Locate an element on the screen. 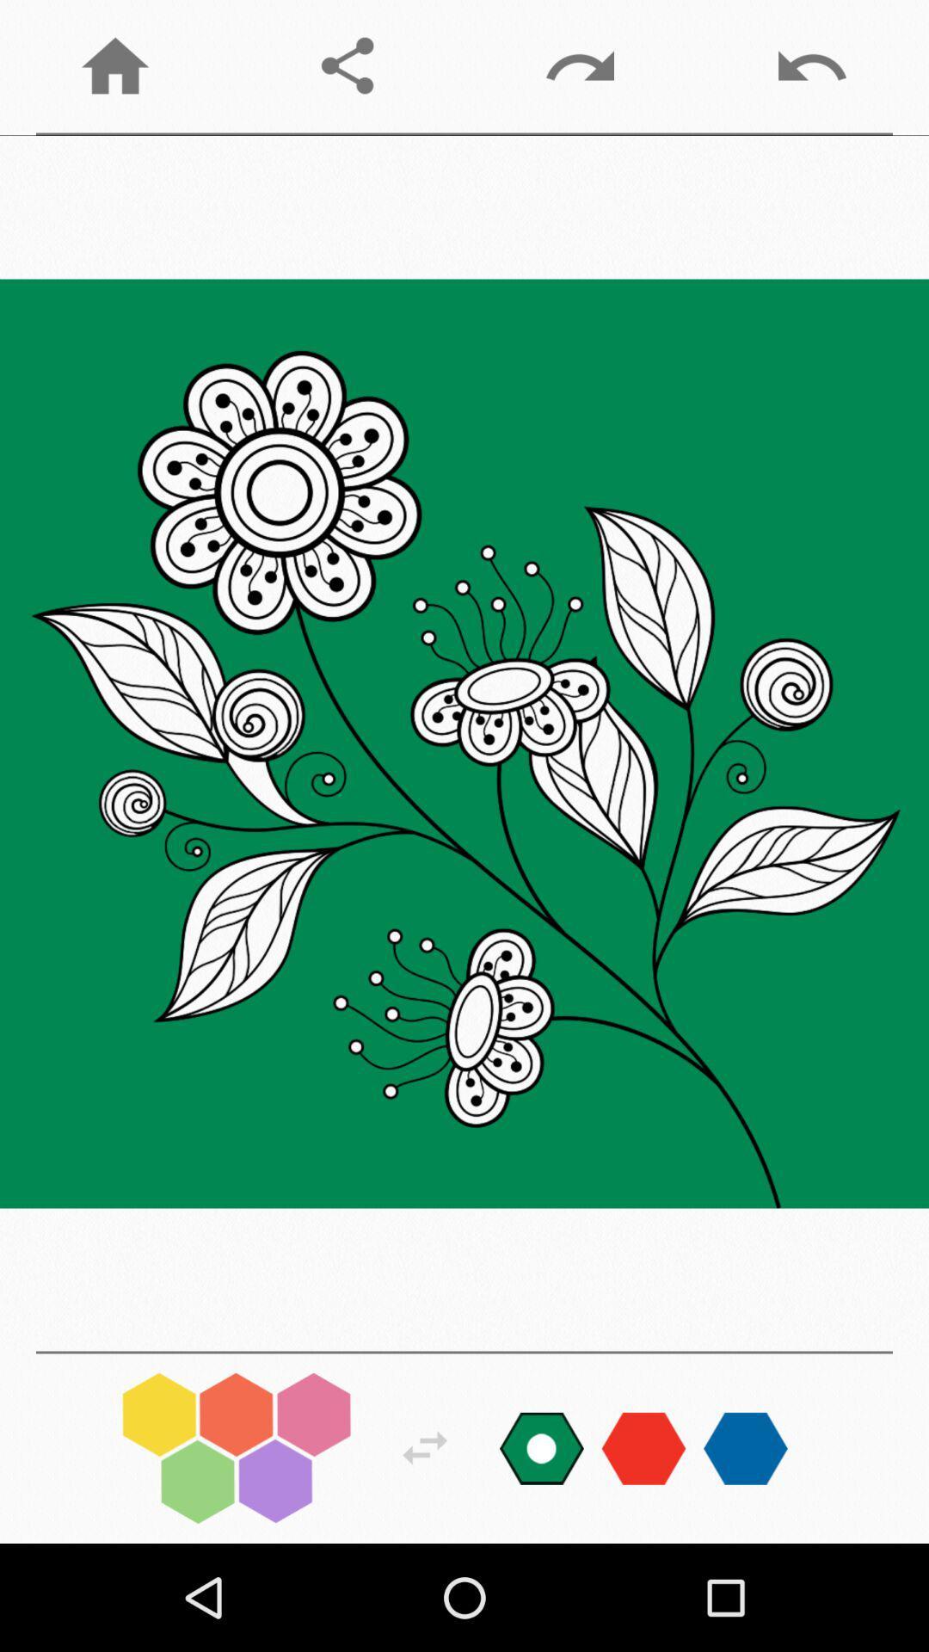 This screenshot has width=929, height=1652. color is located at coordinates (540, 1447).